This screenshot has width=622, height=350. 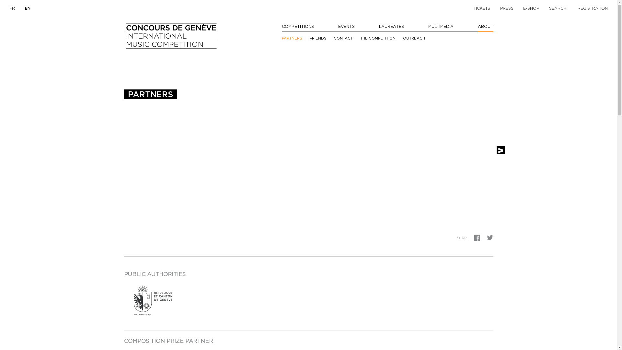 What do you see at coordinates (557, 8) in the screenshot?
I see `'SEARCH'` at bounding box center [557, 8].